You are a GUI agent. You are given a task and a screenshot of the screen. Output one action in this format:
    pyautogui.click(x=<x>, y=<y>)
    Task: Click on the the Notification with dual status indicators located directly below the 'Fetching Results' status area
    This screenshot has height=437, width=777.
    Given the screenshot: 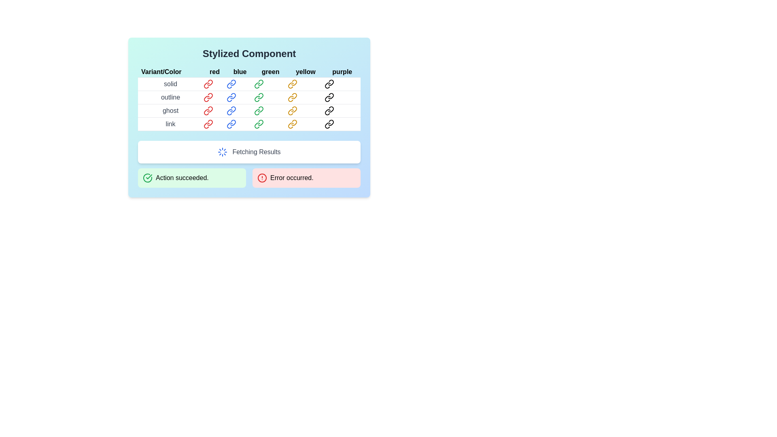 What is the action you would take?
    pyautogui.click(x=248, y=164)
    